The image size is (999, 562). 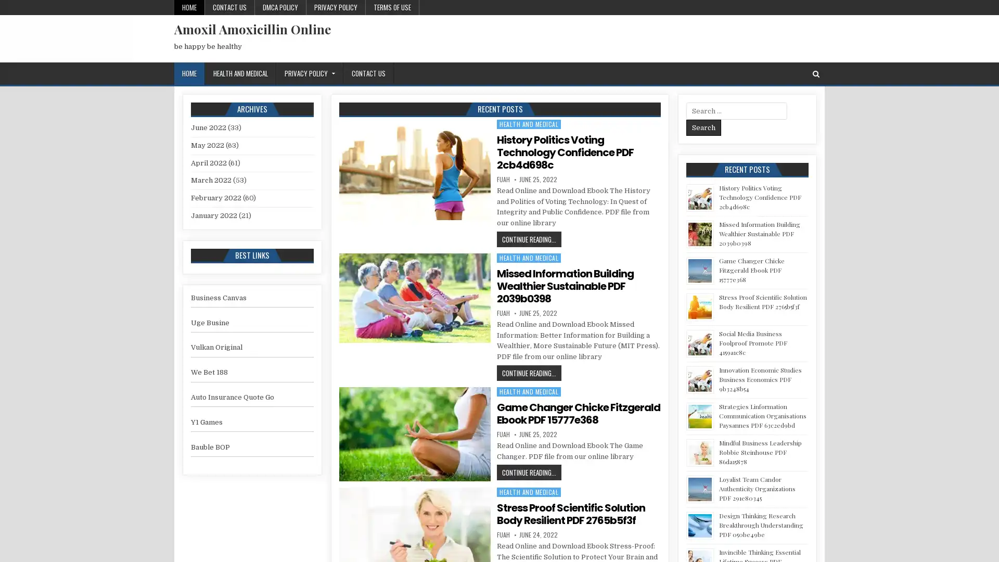 What do you see at coordinates (703, 127) in the screenshot?
I see `Search` at bounding box center [703, 127].